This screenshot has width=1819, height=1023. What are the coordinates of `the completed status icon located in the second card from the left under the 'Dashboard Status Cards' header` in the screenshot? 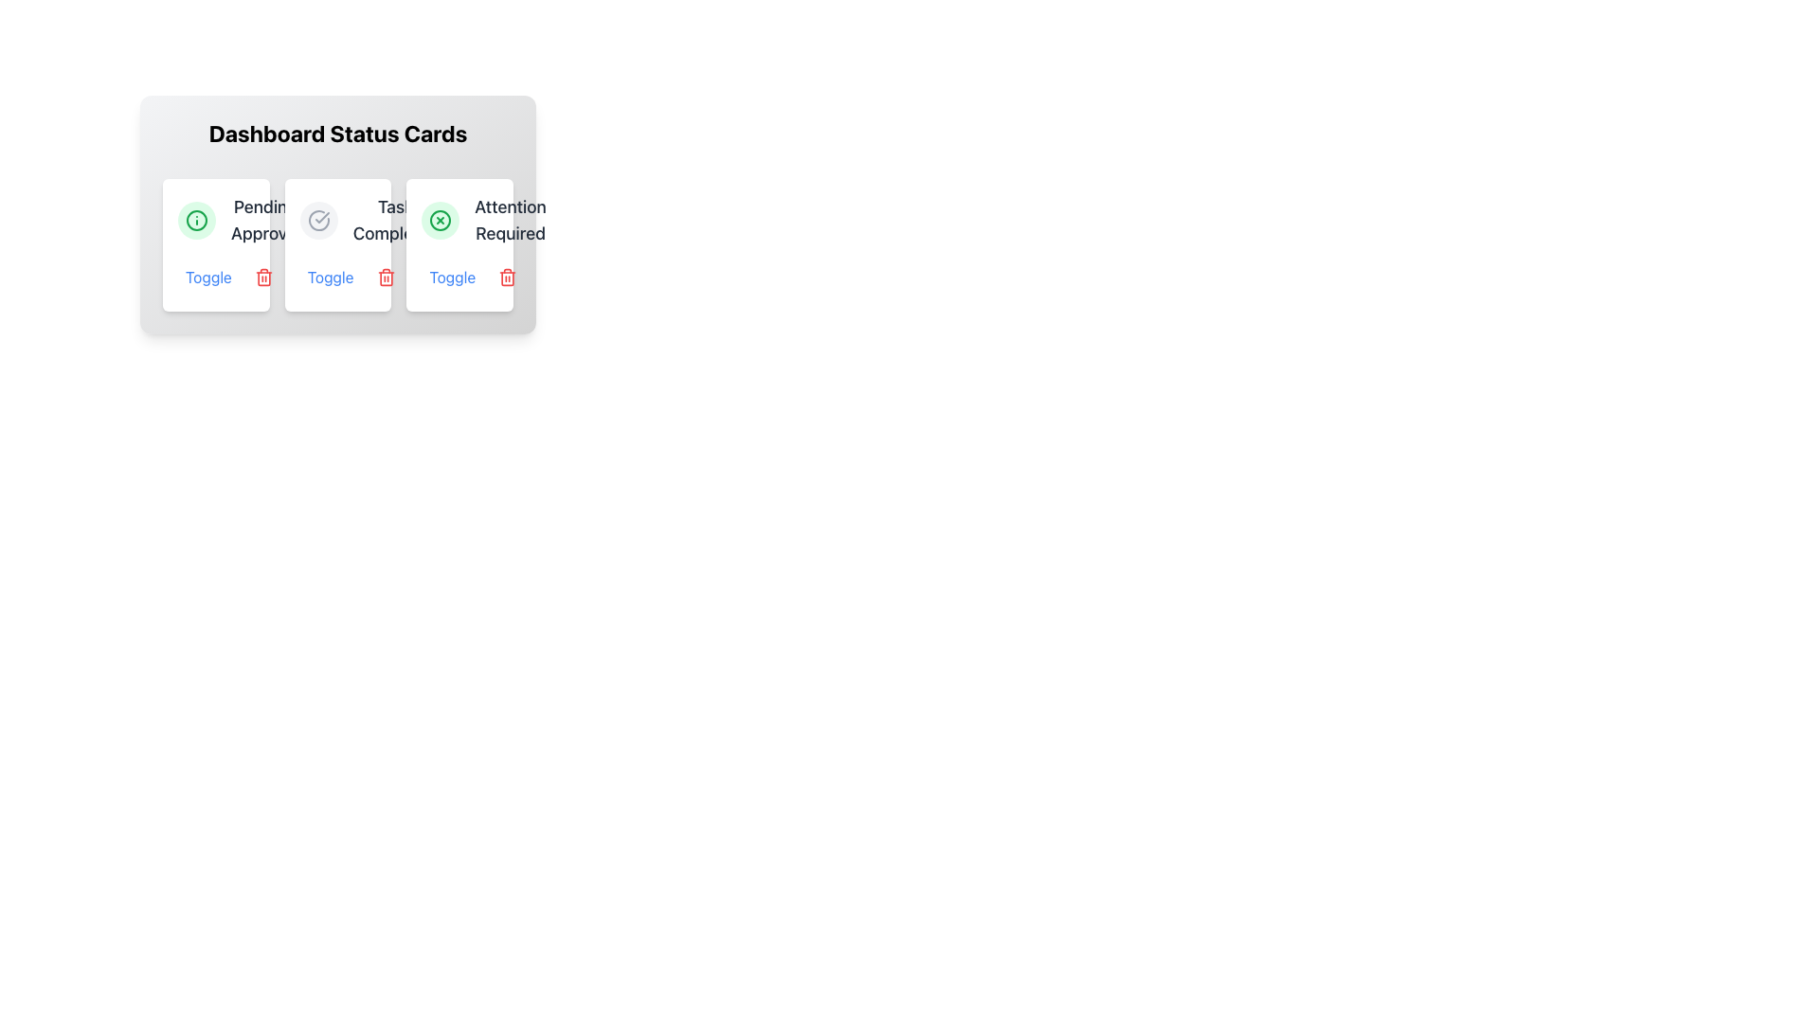 It's located at (318, 219).